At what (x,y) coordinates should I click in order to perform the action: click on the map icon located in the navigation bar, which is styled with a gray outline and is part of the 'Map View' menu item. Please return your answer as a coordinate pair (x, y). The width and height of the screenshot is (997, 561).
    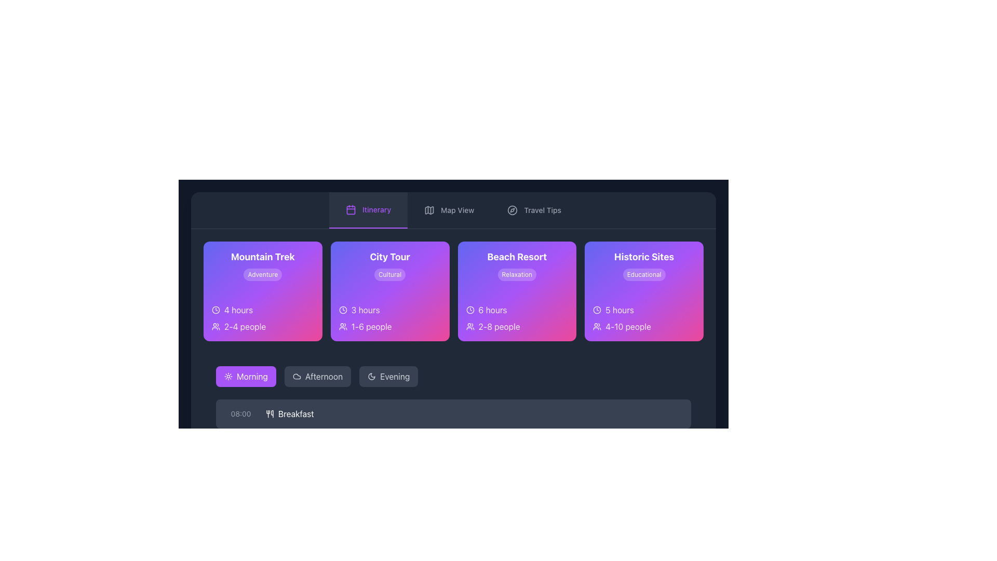
    Looking at the image, I should click on (429, 210).